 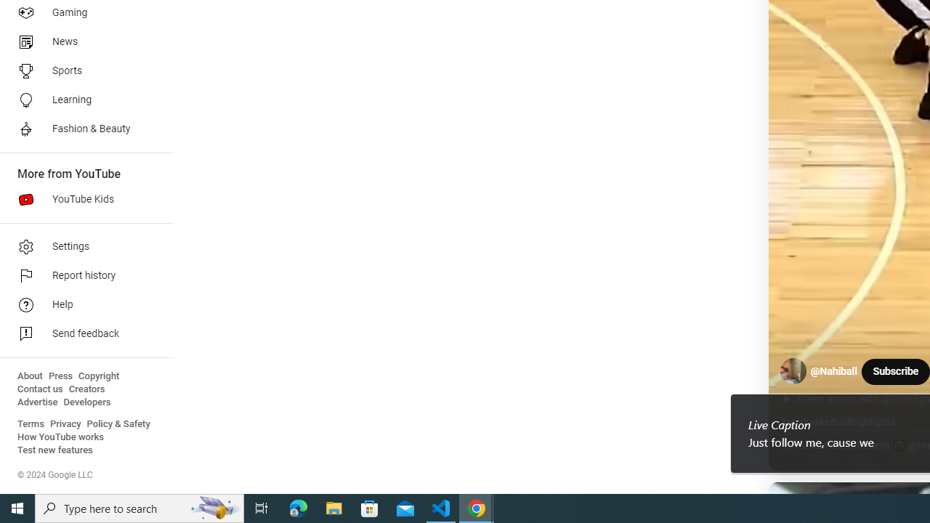 I want to click on 'Contact us', so click(x=40, y=389).